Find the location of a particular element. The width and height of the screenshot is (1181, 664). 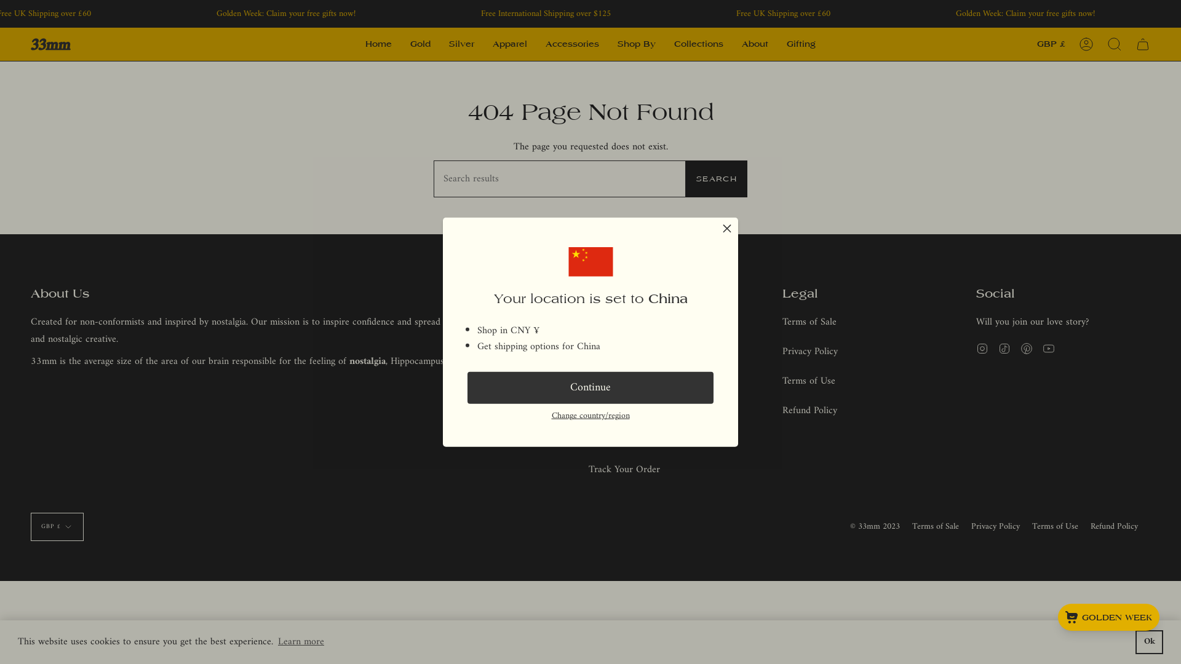

'Terms of Sale' is located at coordinates (935, 526).